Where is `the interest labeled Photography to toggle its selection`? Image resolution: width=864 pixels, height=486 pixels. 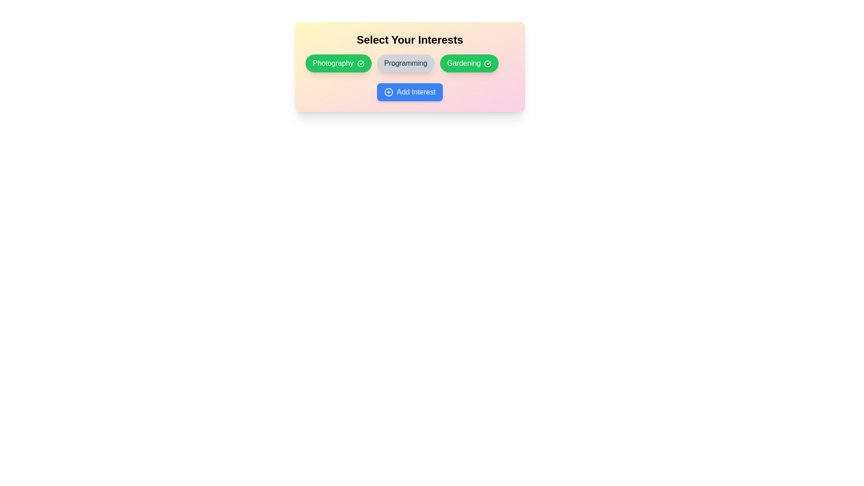 the interest labeled Photography to toggle its selection is located at coordinates (338, 63).